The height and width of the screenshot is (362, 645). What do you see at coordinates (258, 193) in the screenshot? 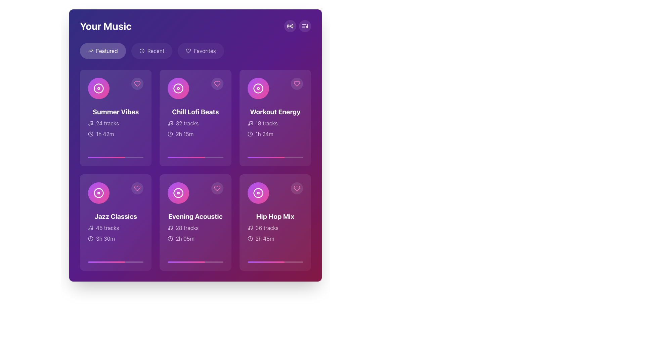
I see `the circular graphical element with a white border and a gradient fill from pink to purple, located at the center of the upper part of the 'Hip Hop Mix' music card` at bounding box center [258, 193].